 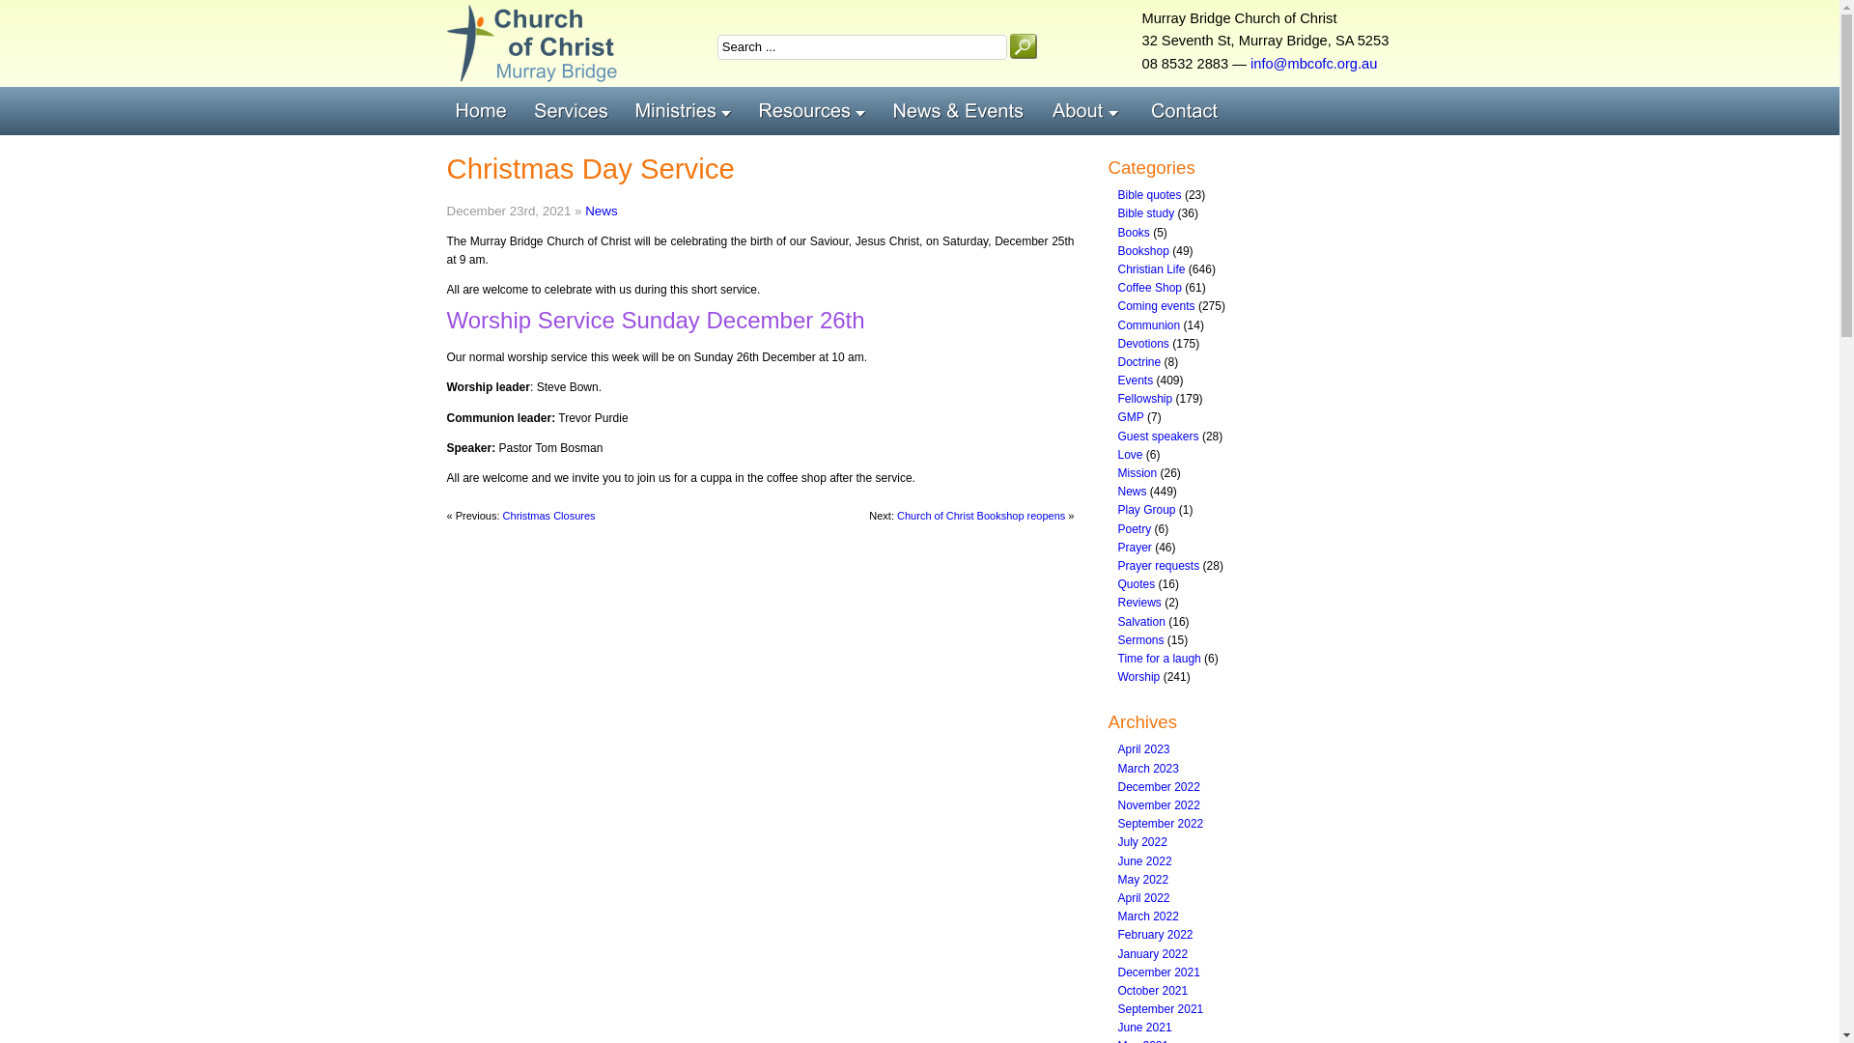 What do you see at coordinates (1143, 342) in the screenshot?
I see `'Devotions'` at bounding box center [1143, 342].